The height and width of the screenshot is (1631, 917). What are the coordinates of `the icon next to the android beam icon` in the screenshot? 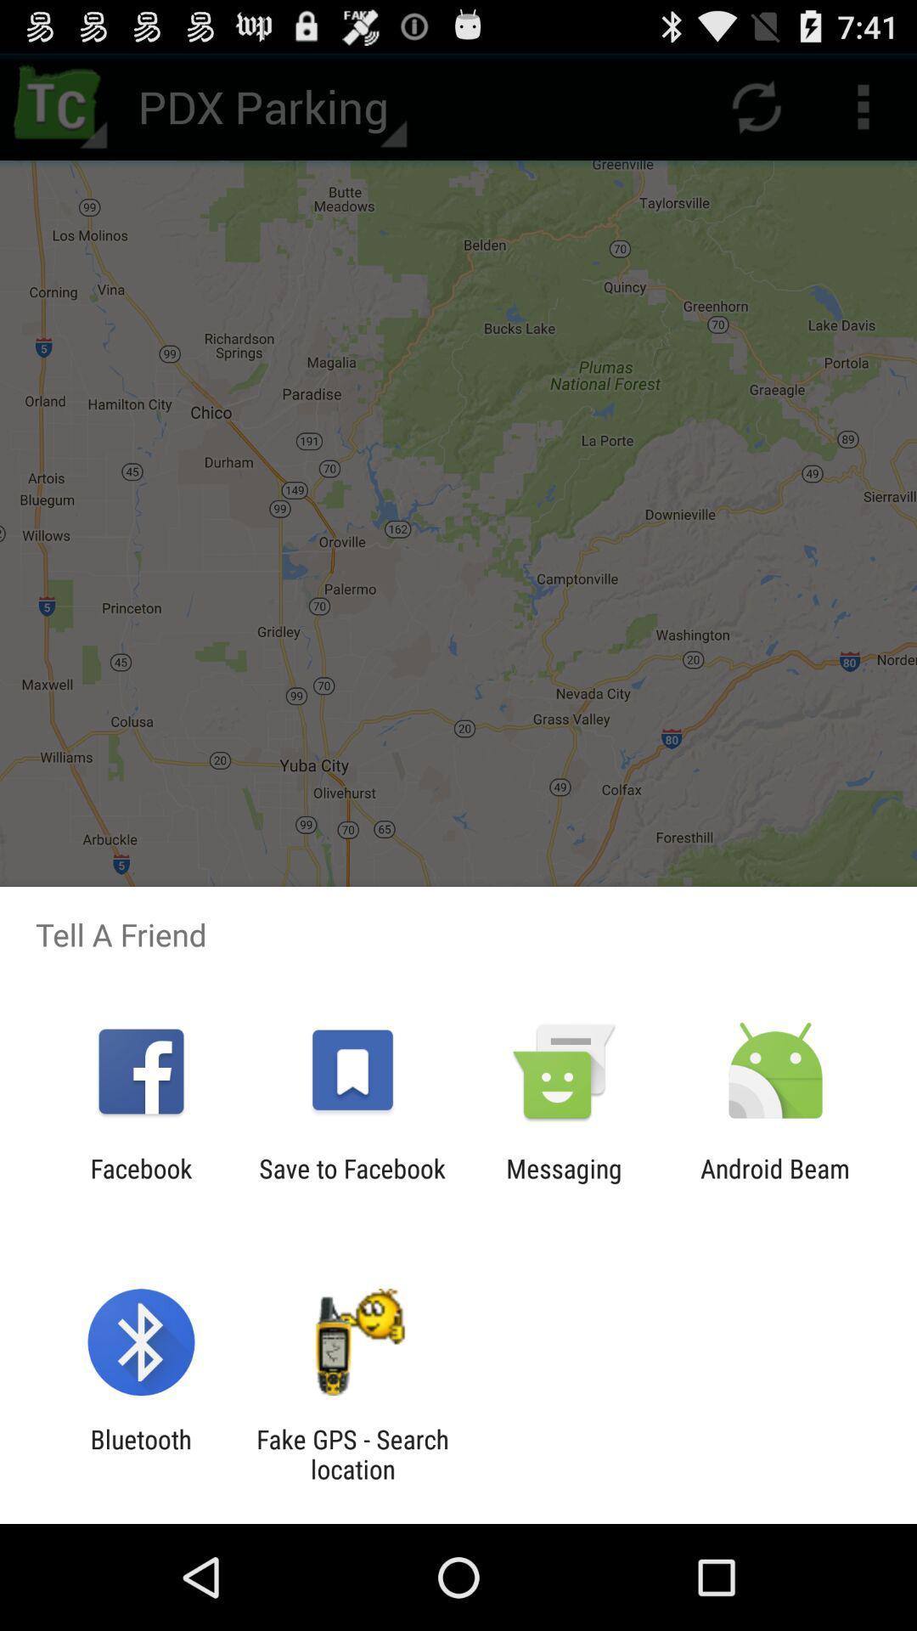 It's located at (564, 1182).